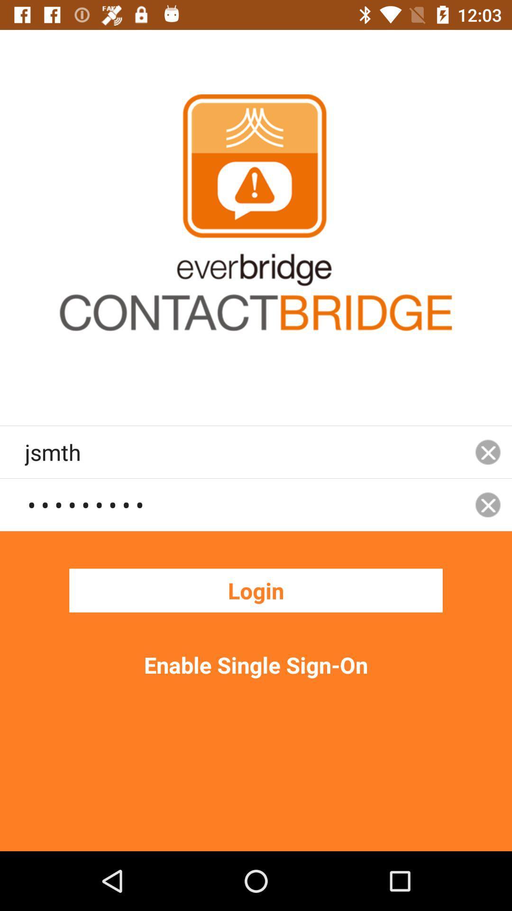  What do you see at coordinates (256, 664) in the screenshot?
I see `the item below the login icon` at bounding box center [256, 664].